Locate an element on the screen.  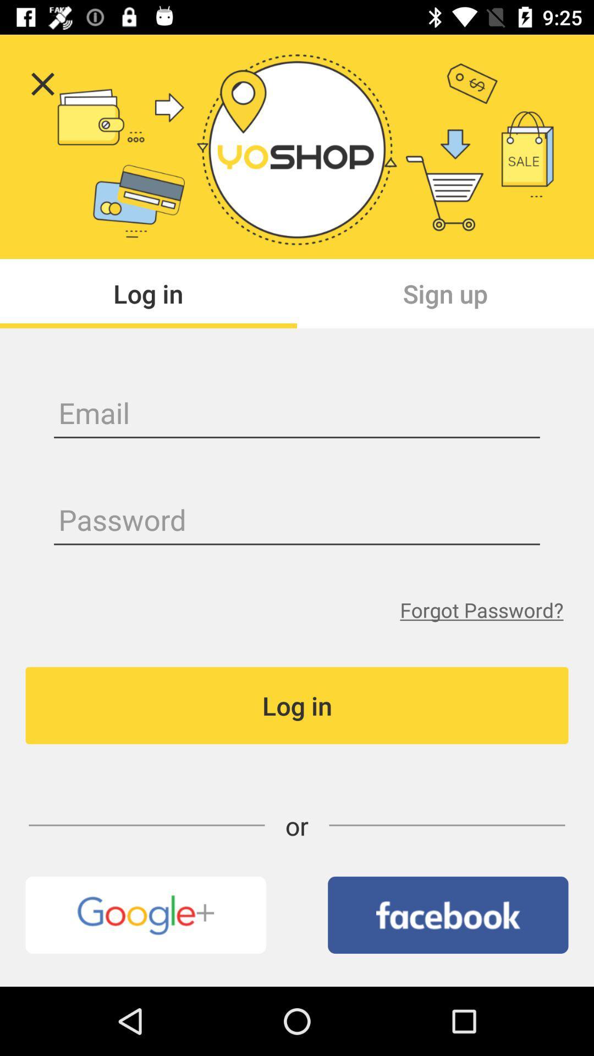
the item above the log in is located at coordinates (481, 609).